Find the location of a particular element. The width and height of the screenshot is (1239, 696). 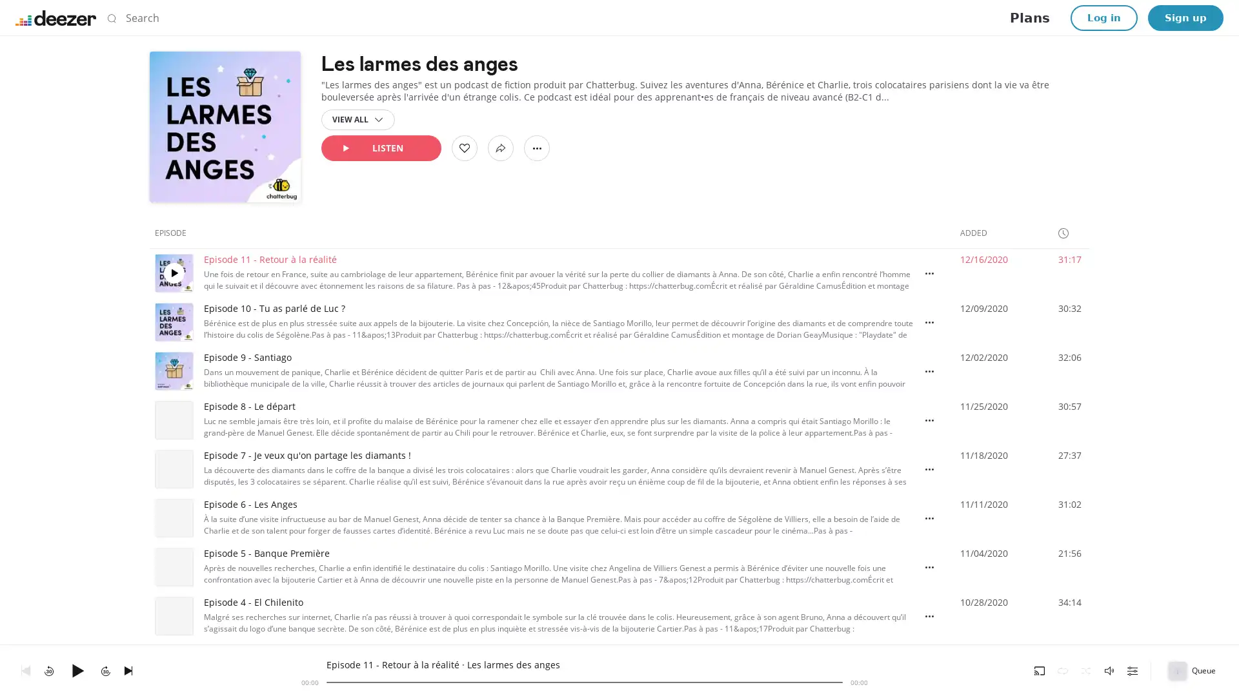

Back is located at coordinates (25, 670).